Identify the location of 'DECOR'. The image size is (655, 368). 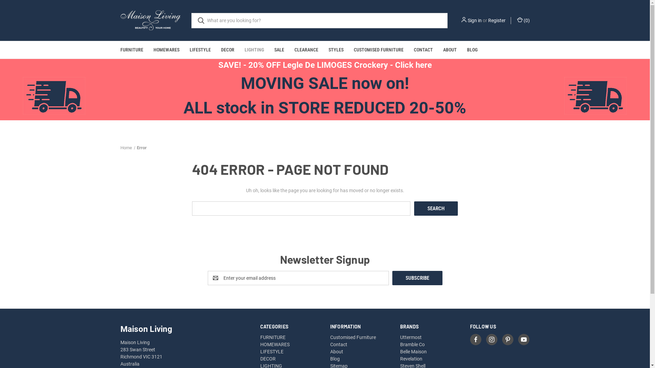
(227, 49).